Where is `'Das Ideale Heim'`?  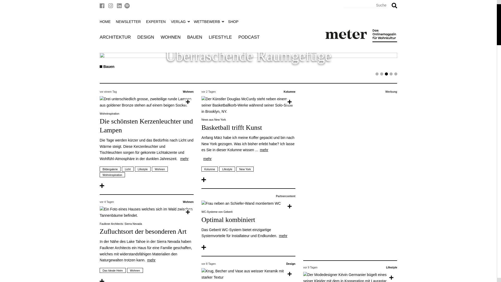 'Das Ideale Heim' is located at coordinates (112, 270).